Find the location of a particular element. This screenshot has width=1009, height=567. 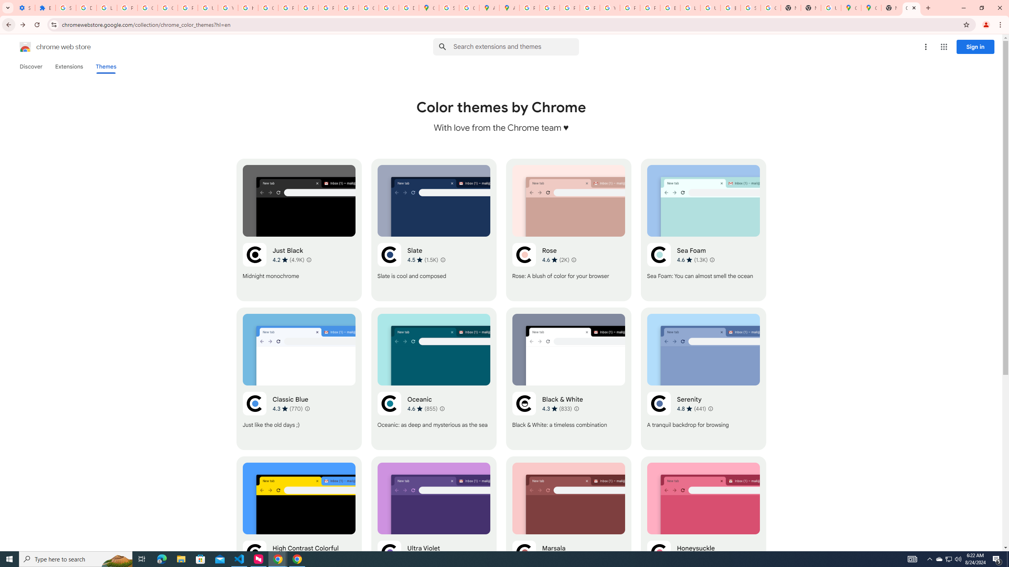

'Marsala' is located at coordinates (568, 527).